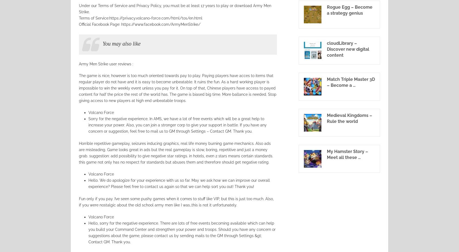  What do you see at coordinates (177, 88) in the screenshot?
I see `'The game is nice, however is too much oriented towards pay to play. Paying players have acces to items that regular player do not have and it is easy to become unbeatable. It ruins the fun. As a hard working player is impossible to win the weekly event unless you pay for it. On top of that, Chinese players have access to payed content for half the price the rest of the world has. The game is biased big time. More ballance is needed. Stop giving access to new players at high end unbeatable troops.'` at bounding box center [177, 88].